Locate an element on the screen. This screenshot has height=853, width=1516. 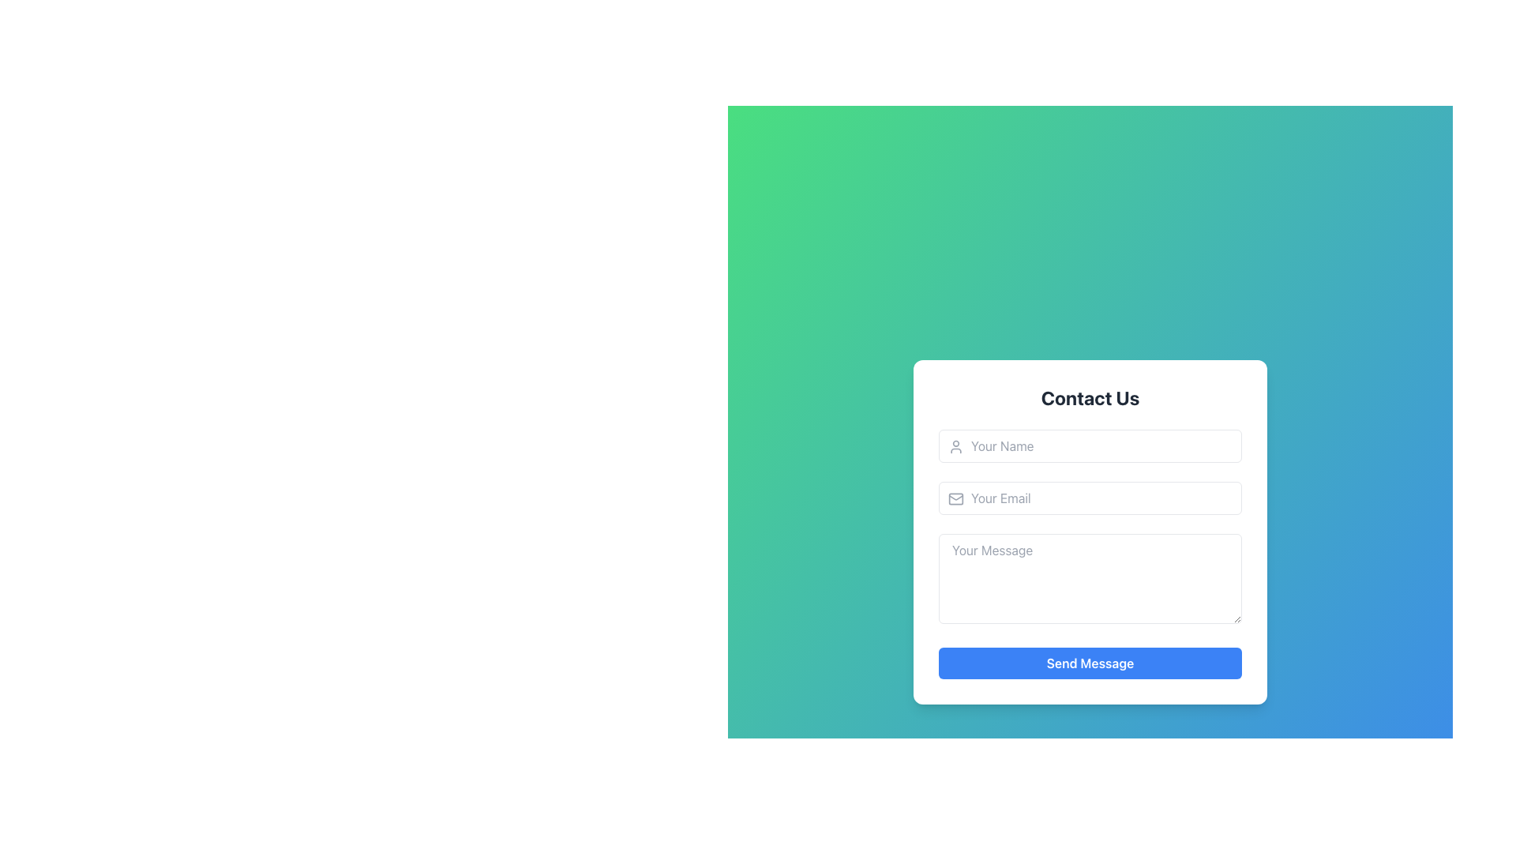
the text label that serves as the title or header for the form, located at the top of the vertically arranged form card is located at coordinates (1090, 397).